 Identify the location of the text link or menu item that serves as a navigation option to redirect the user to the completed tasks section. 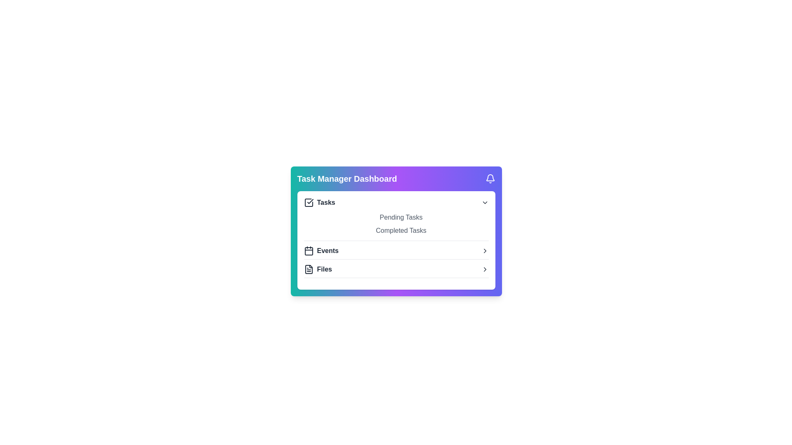
(396, 230).